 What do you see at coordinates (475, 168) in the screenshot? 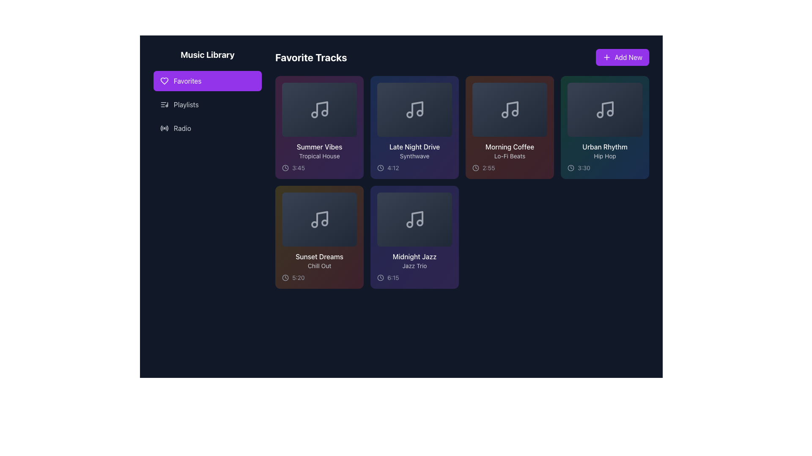
I see `the circular SVG element that serves as the base of the clock icon located in the corner of the 'Morning Coffee' card` at bounding box center [475, 168].